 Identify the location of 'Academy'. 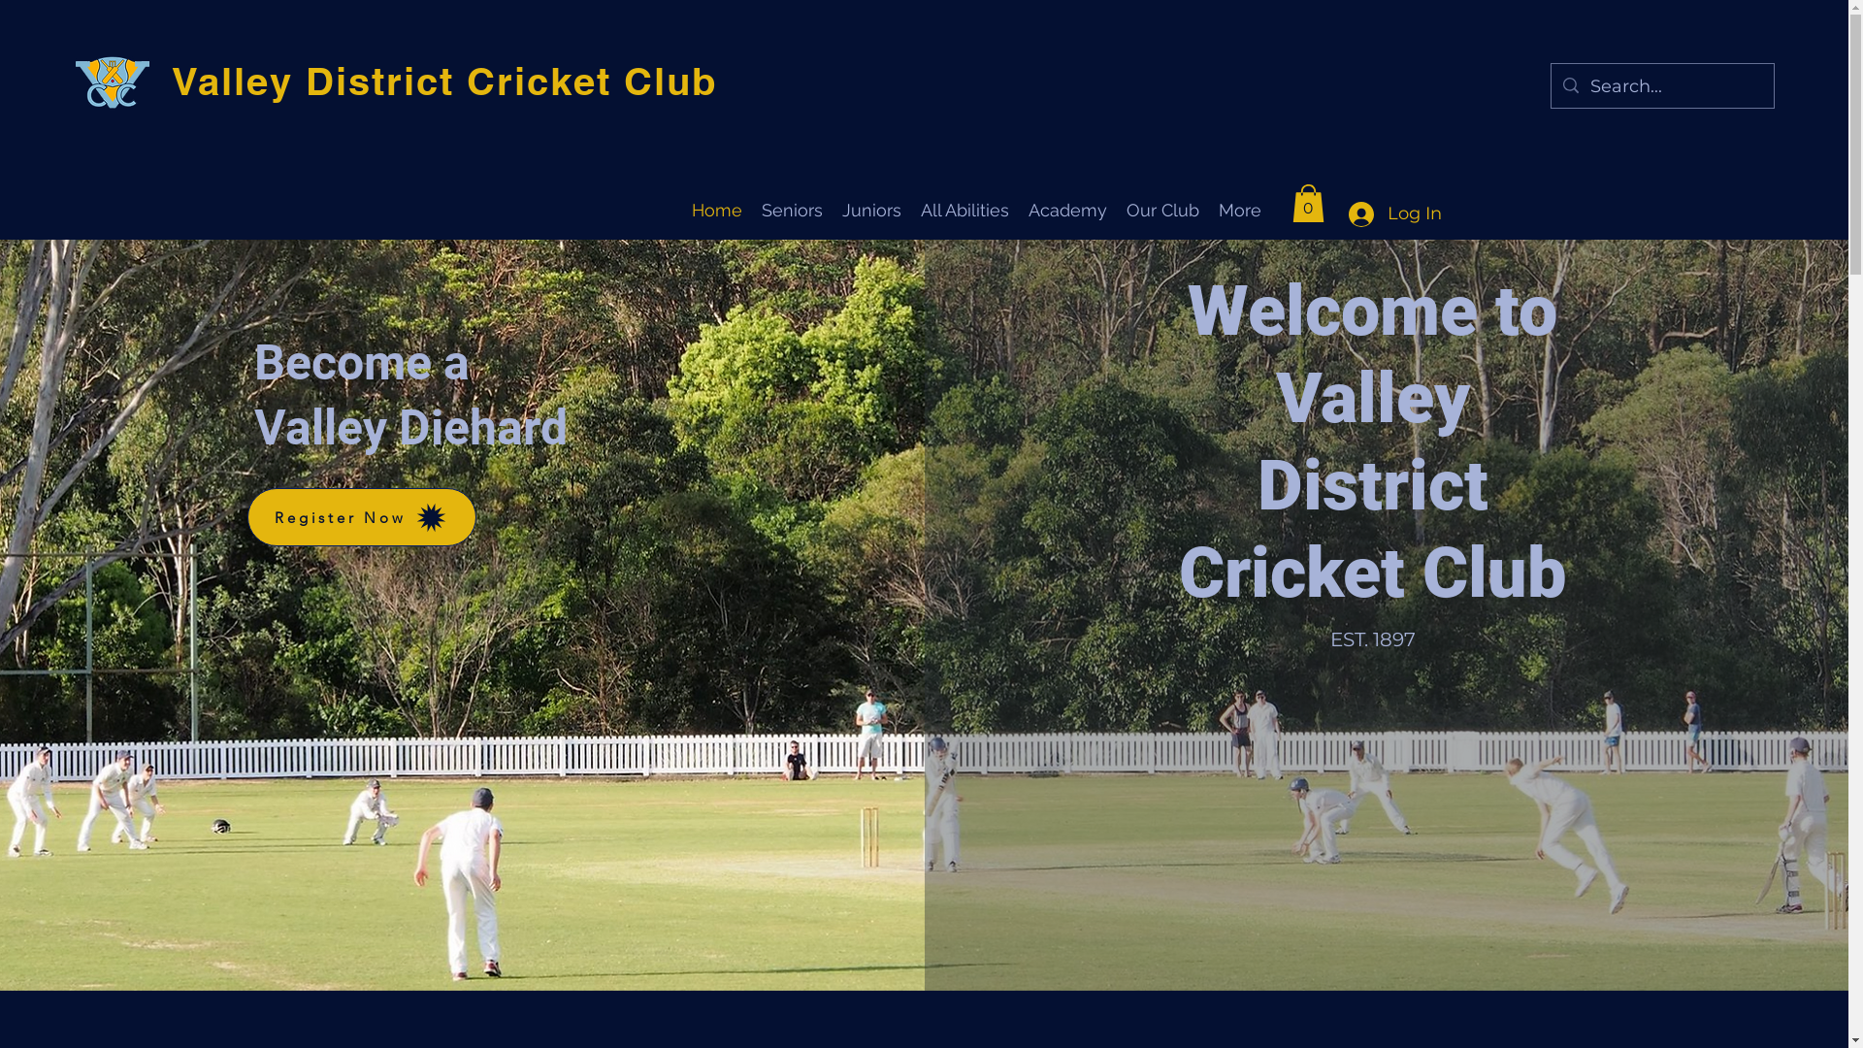
(1066, 209).